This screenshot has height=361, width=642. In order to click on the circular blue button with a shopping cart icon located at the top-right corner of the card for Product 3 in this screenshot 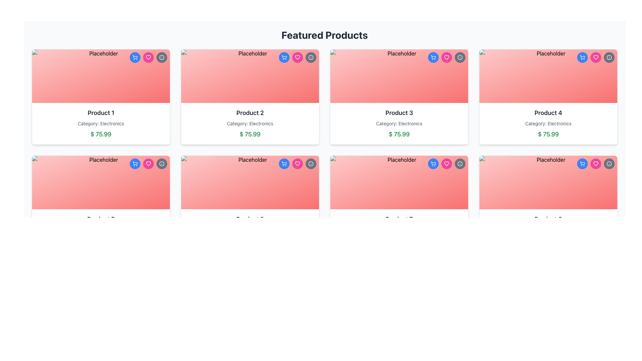, I will do `click(433, 57)`.